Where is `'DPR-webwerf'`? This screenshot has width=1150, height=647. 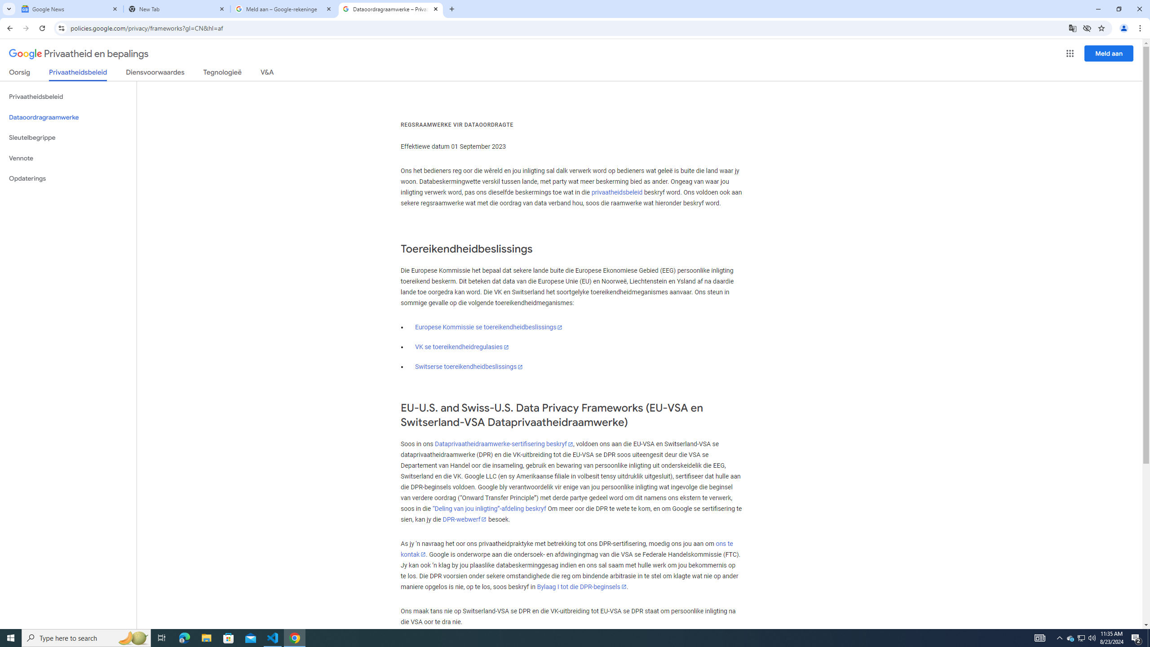 'DPR-webwerf' is located at coordinates (464, 519).